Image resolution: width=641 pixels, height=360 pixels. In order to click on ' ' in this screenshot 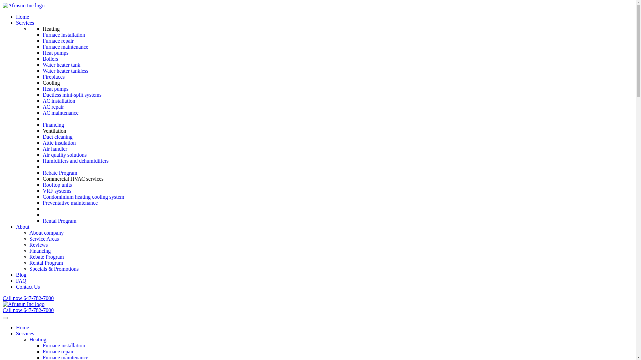, I will do `click(42, 118)`.